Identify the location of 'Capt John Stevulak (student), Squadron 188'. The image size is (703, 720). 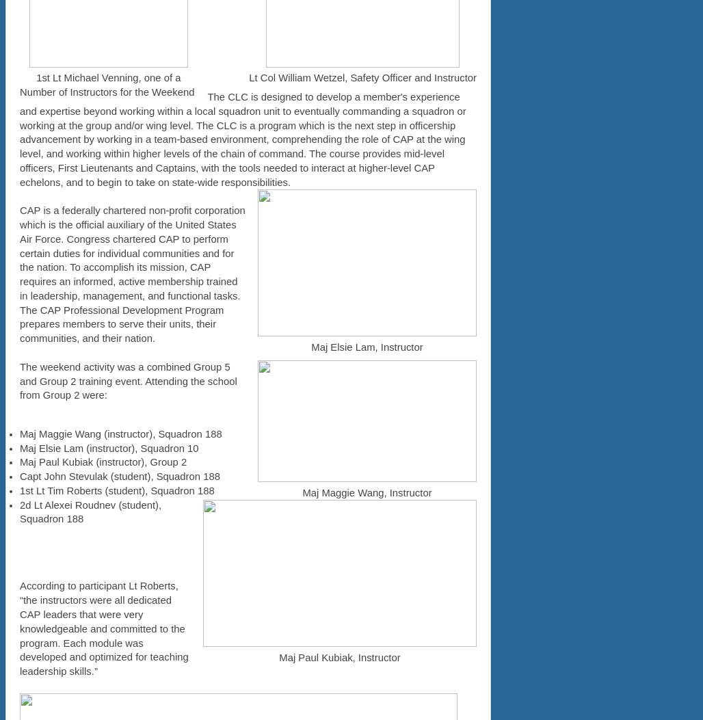
(119, 476).